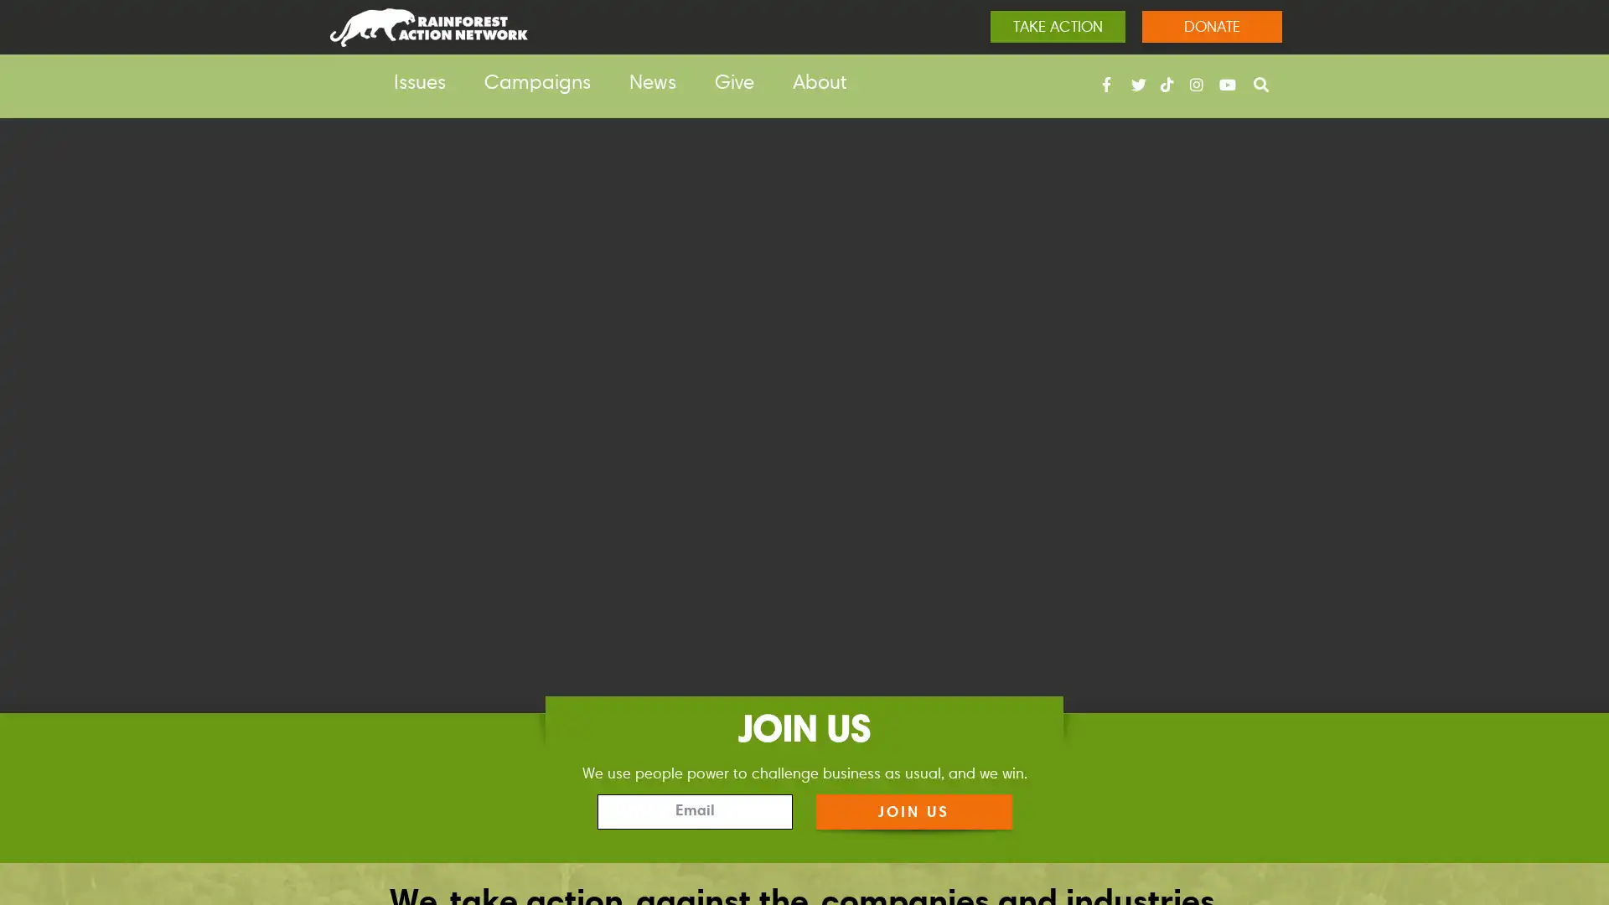 The image size is (1609, 905). Describe the element at coordinates (1515, 816) in the screenshot. I see `enter full screen` at that location.